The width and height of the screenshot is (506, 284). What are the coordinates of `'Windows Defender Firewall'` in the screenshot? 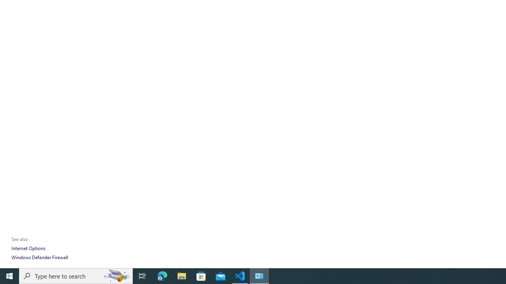 It's located at (39, 257).